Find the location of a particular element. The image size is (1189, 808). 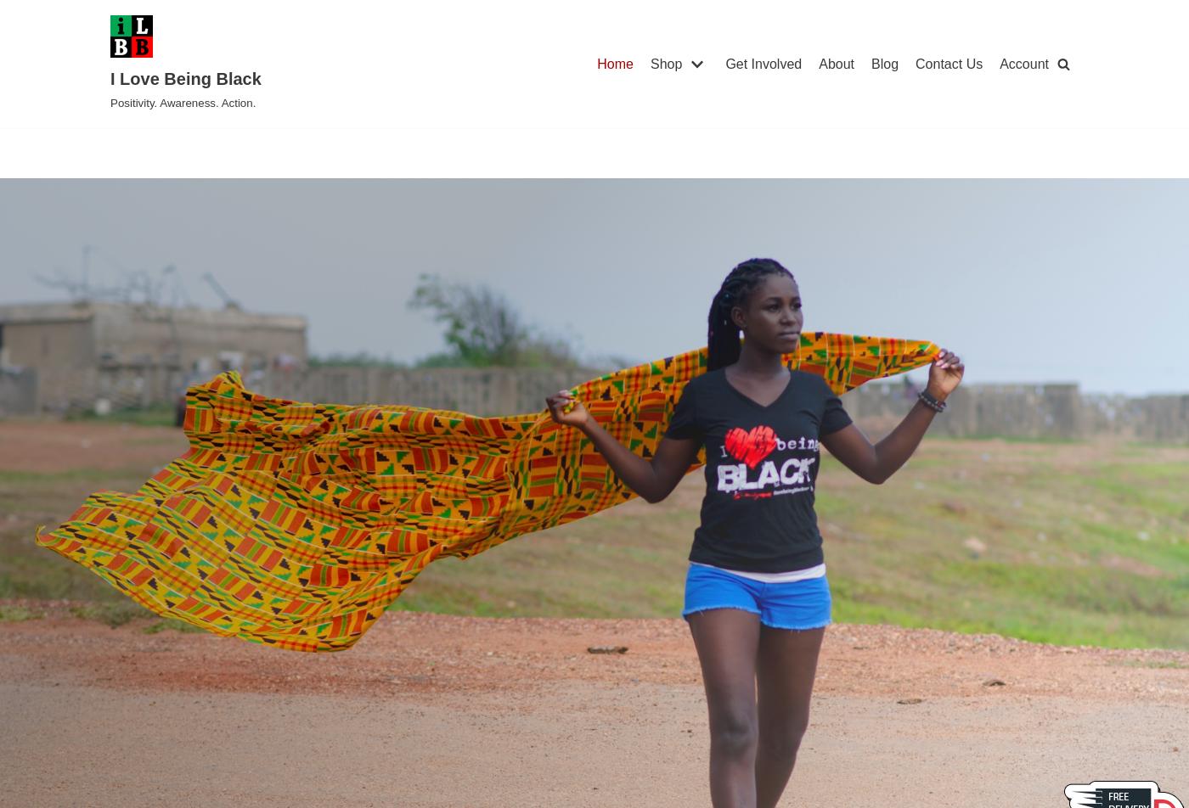

'Men’s' is located at coordinates (628, 99).